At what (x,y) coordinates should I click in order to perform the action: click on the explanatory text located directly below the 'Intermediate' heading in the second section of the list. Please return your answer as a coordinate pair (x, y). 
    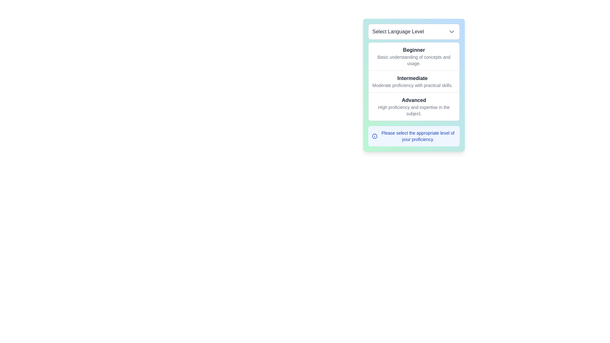
    Looking at the image, I should click on (412, 85).